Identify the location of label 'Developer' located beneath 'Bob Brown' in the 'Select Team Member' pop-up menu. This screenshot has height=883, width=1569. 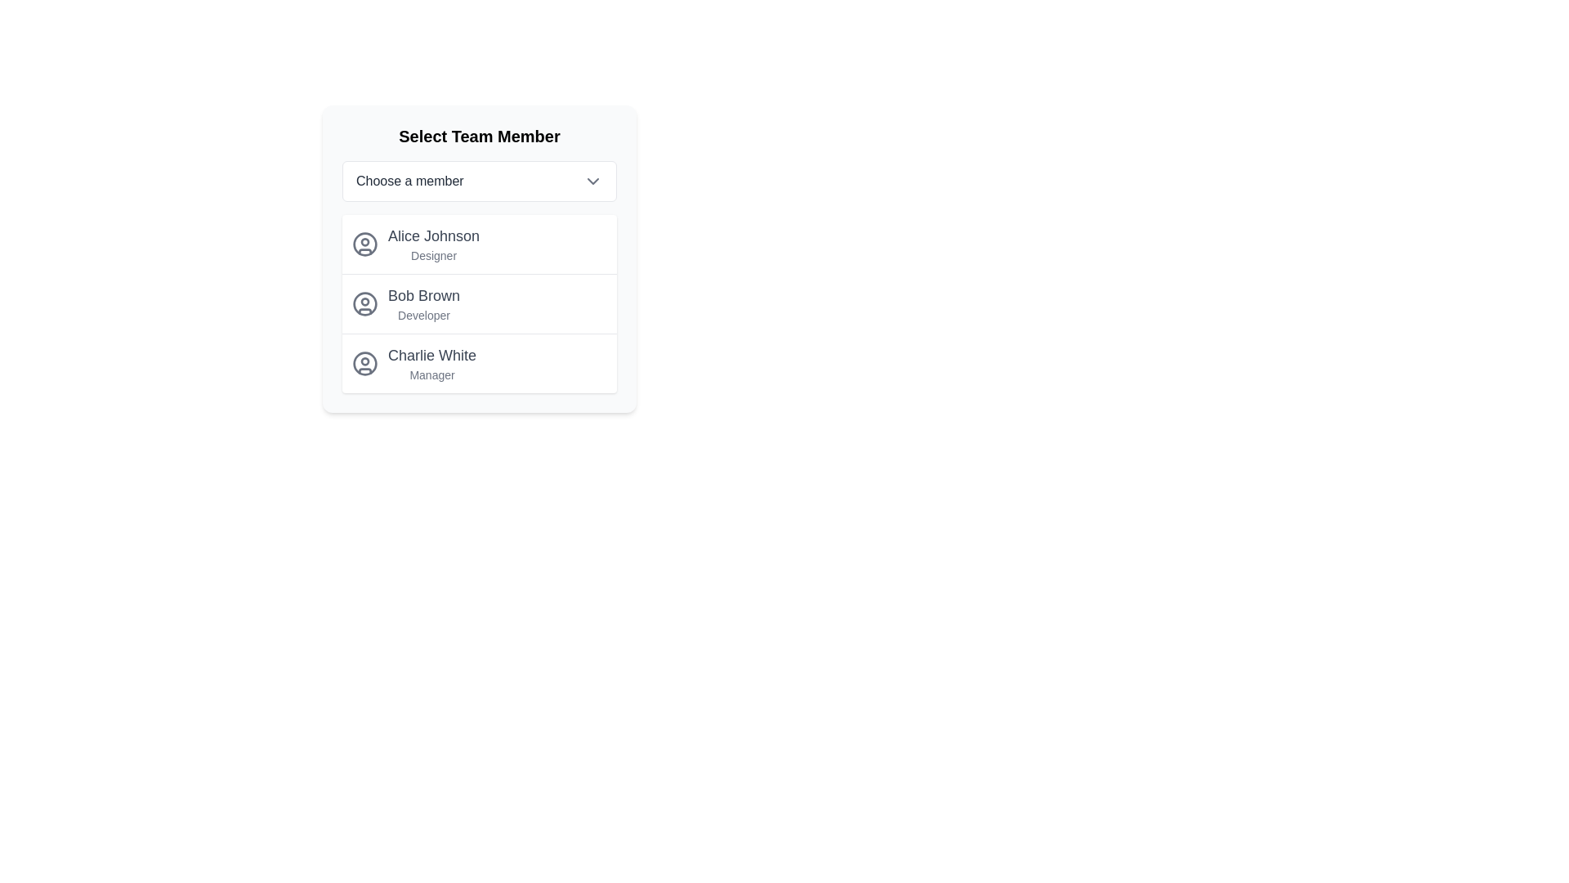
(423, 315).